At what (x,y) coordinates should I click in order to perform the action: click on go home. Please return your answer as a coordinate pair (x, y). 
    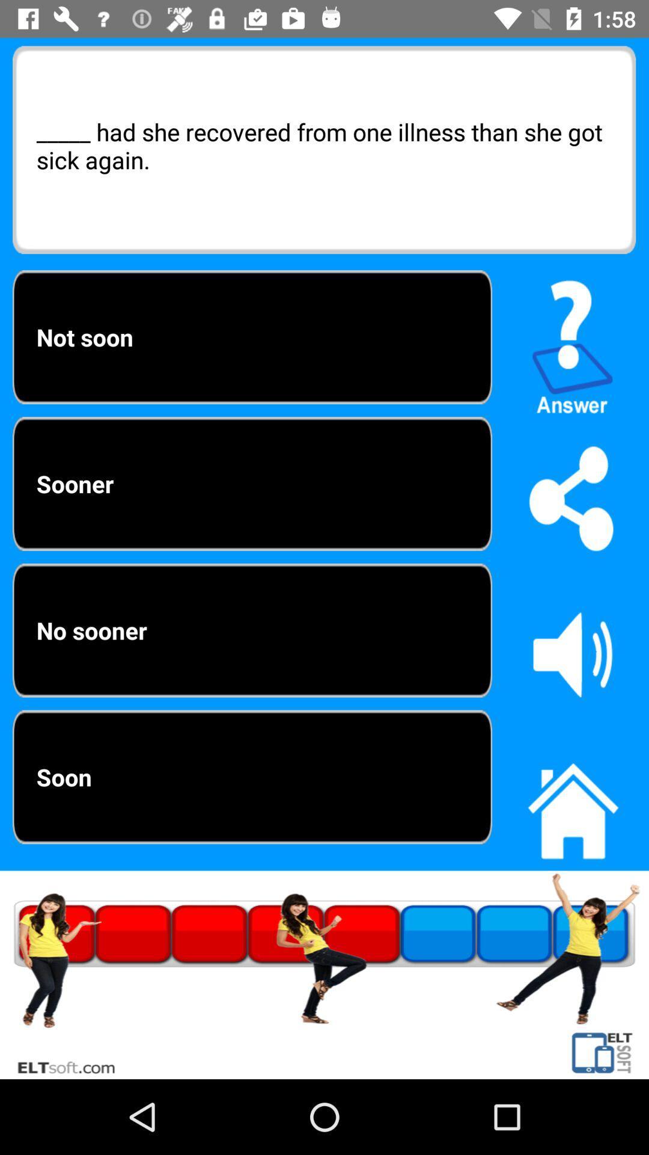
    Looking at the image, I should click on (572, 804).